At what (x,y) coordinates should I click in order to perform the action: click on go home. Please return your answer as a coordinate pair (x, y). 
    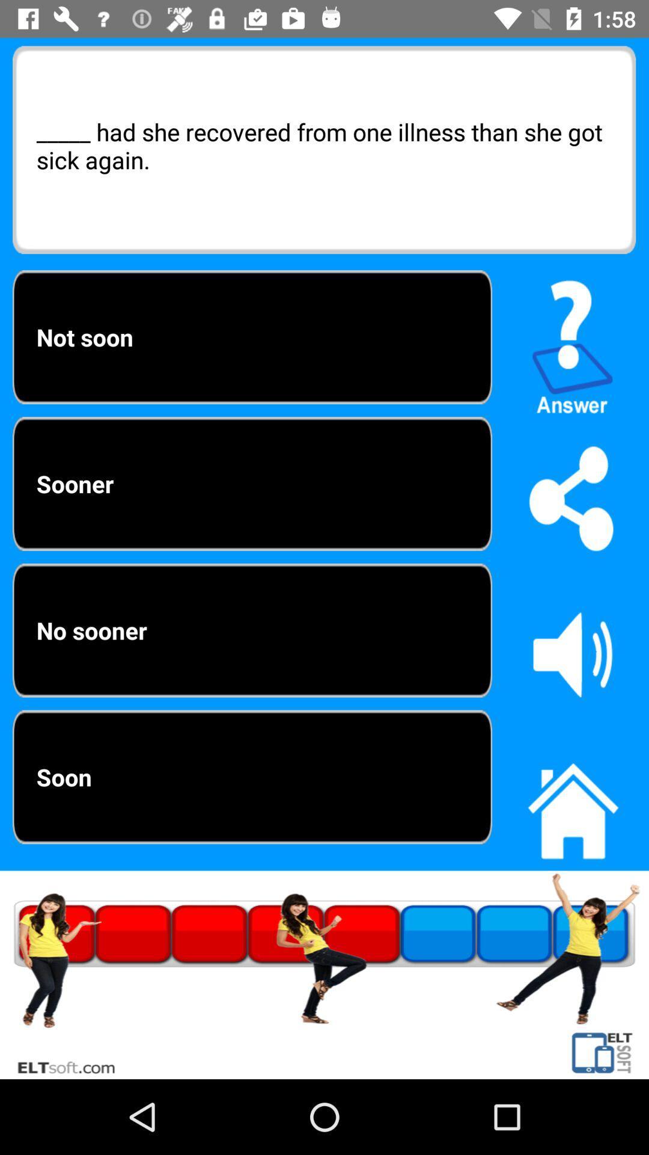
    Looking at the image, I should click on (572, 804).